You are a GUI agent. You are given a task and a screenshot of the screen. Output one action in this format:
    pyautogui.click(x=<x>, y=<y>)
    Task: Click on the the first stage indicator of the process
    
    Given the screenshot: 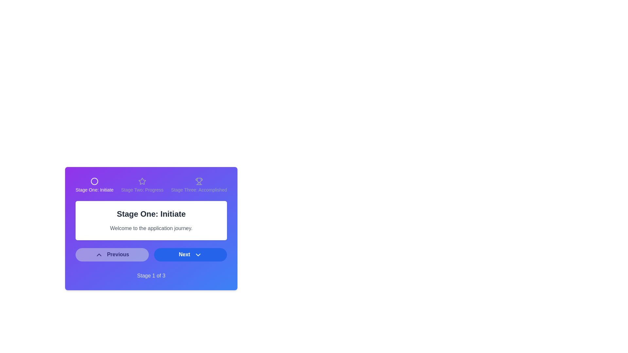 What is the action you would take?
    pyautogui.click(x=94, y=185)
    